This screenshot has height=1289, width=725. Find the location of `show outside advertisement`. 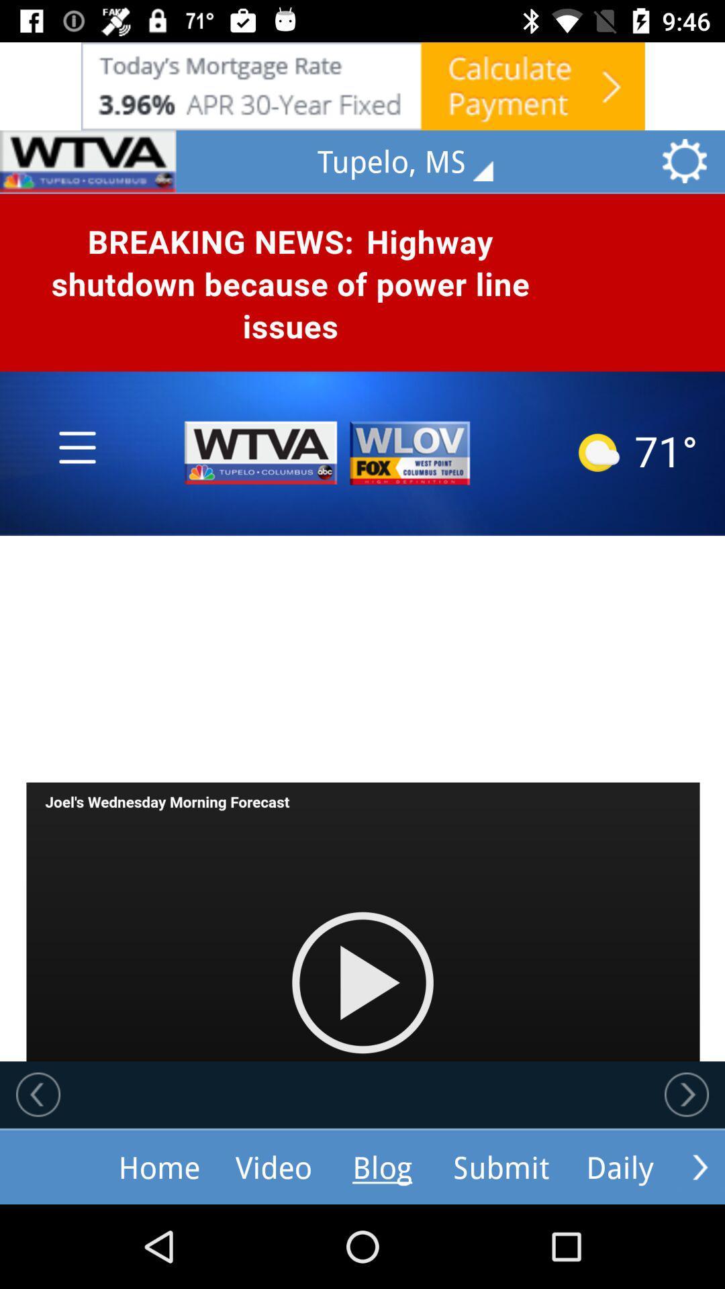

show outside advertisement is located at coordinates (362, 85).